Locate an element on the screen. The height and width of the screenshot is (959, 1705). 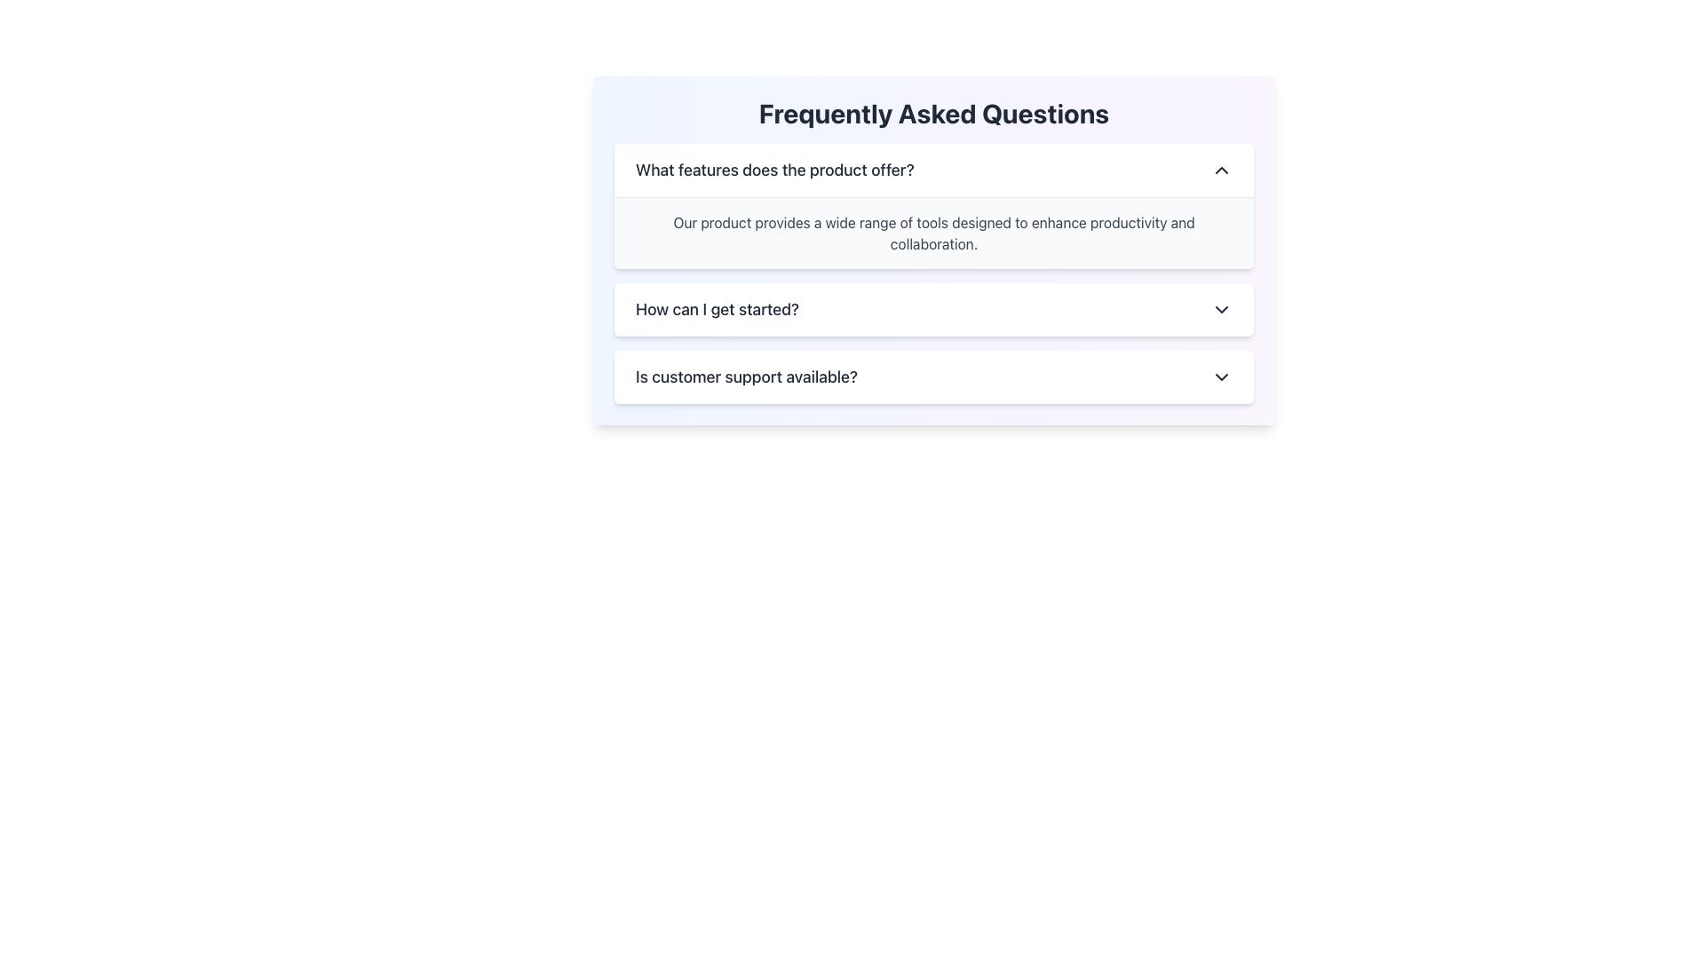
descriptive content of the expandable FAQ item titled 'What features does the product offer?' located at the top of the FAQ list is located at coordinates (932, 205).